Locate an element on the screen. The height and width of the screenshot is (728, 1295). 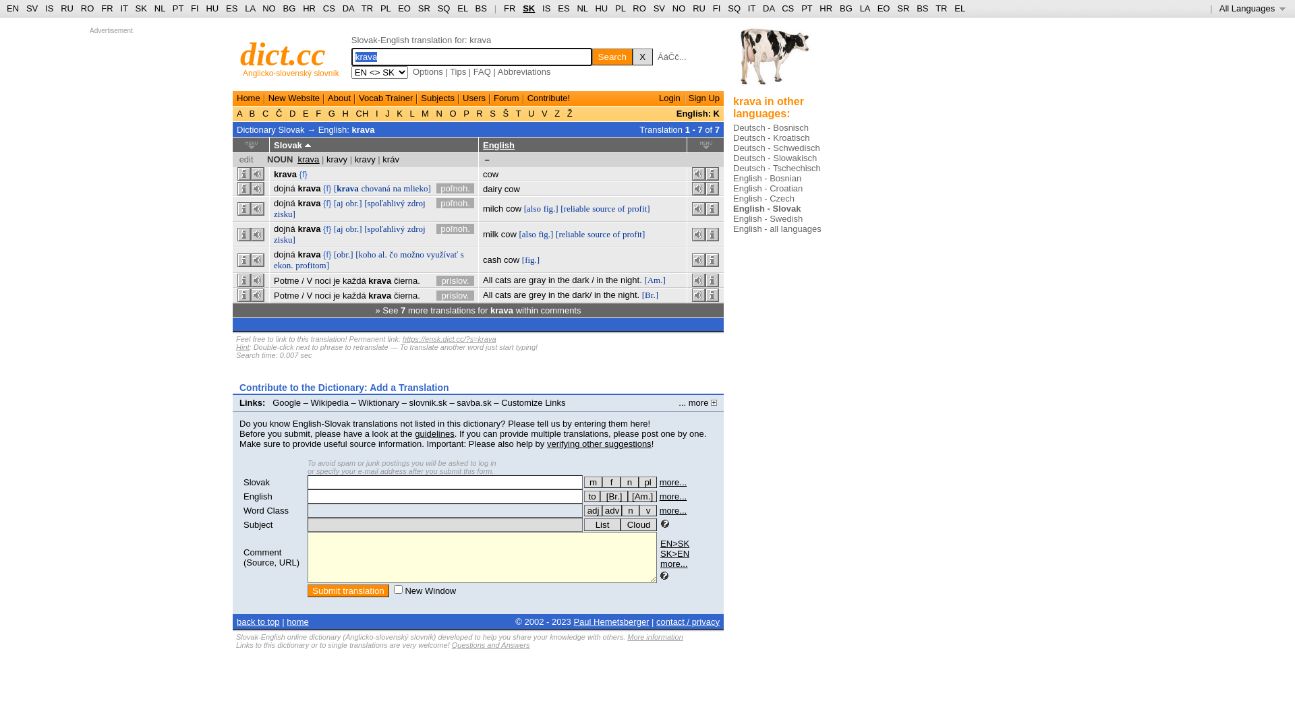
'zisku]' is located at coordinates (284, 239).